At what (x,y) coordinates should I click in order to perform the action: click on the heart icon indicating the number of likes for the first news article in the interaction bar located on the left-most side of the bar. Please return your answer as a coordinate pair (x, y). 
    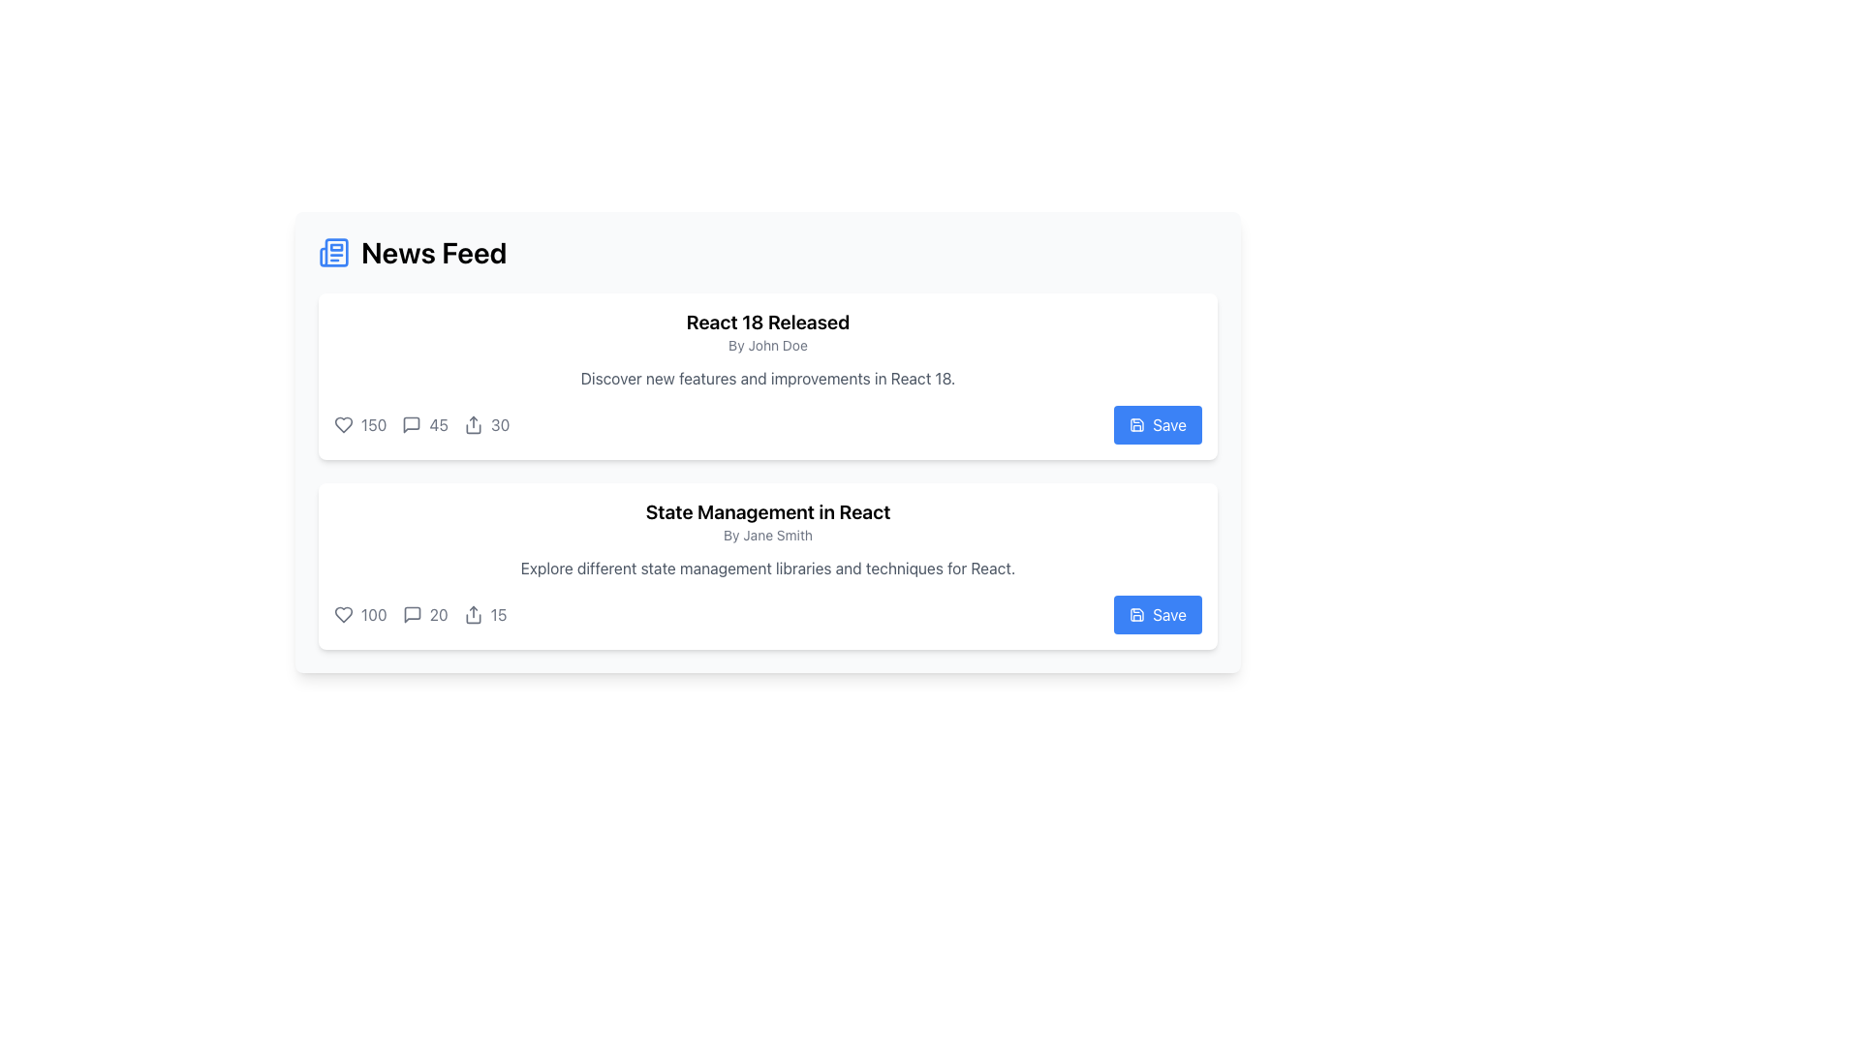
    Looking at the image, I should click on (360, 424).